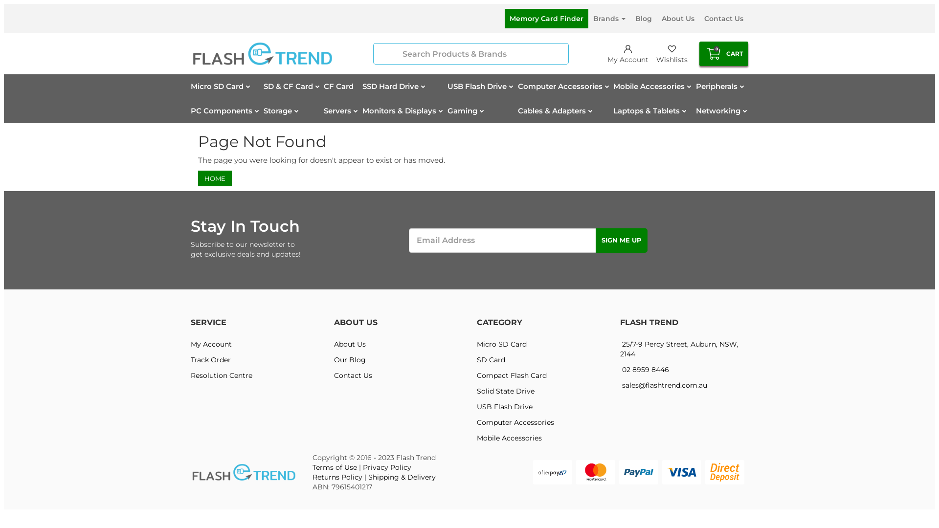 Image resolution: width=939 pixels, height=528 pixels. What do you see at coordinates (386, 467) in the screenshot?
I see `'Privacy Policy'` at bounding box center [386, 467].